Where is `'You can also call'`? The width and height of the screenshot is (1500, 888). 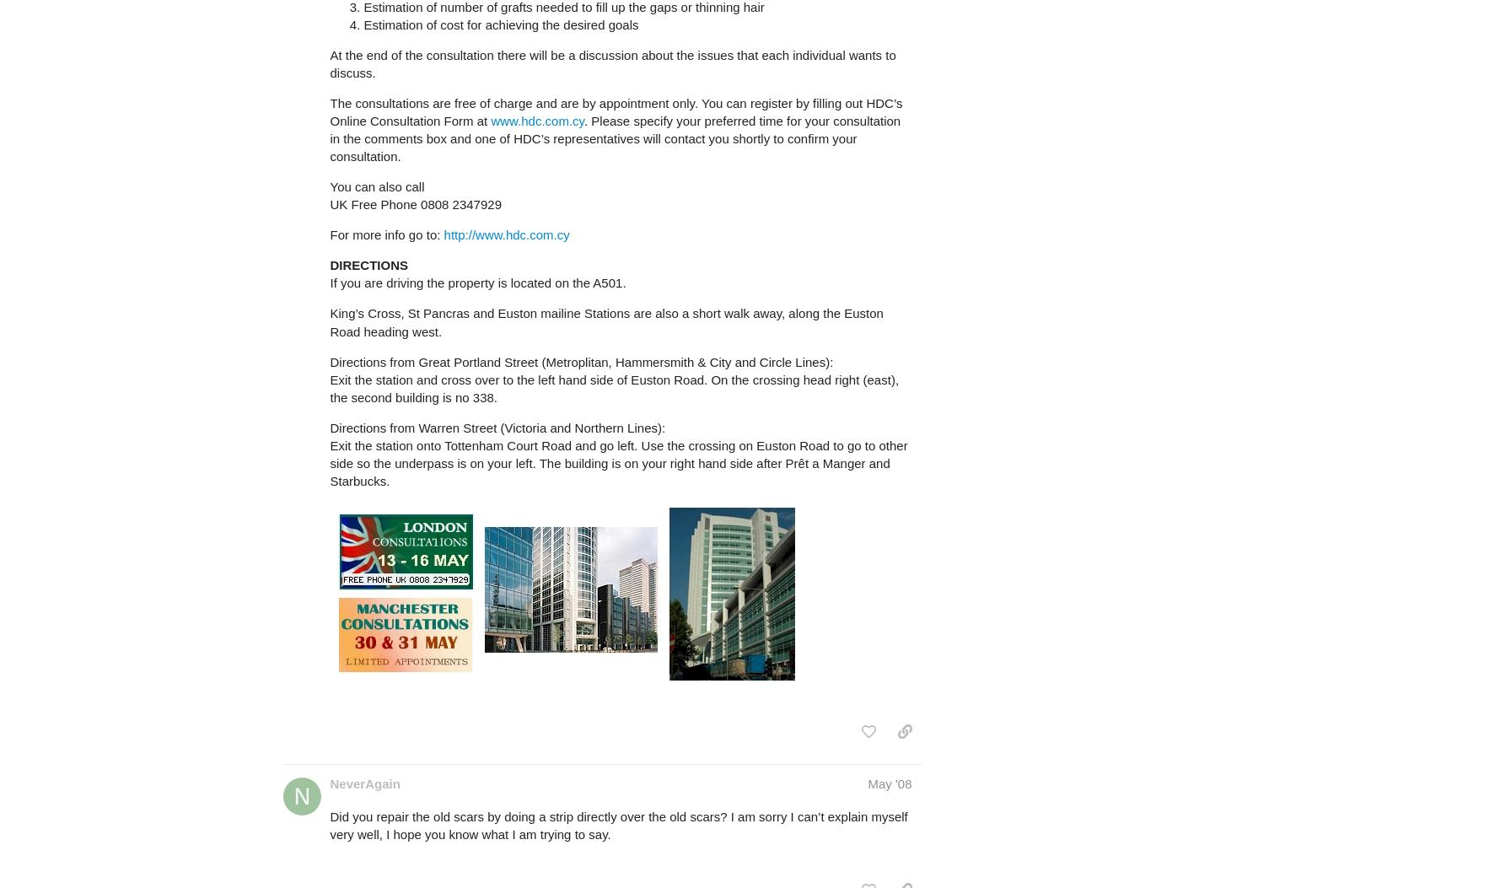 'You can also call' is located at coordinates (377, 186).